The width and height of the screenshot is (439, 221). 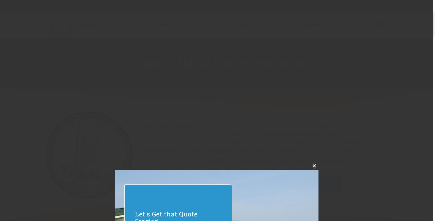 I want to click on '1-800-771-7758', so click(x=168, y=5).